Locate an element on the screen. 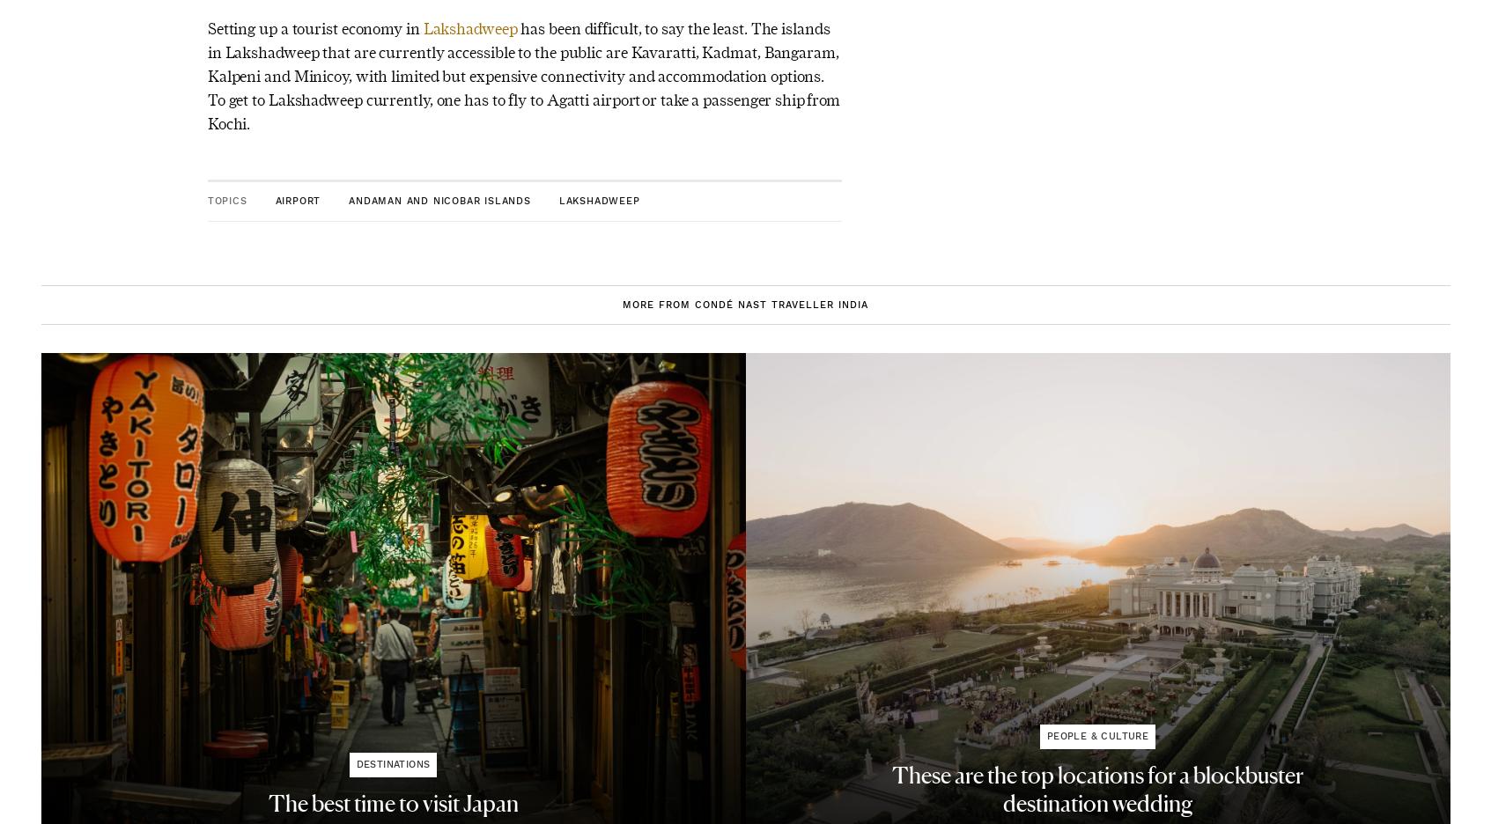 Image resolution: width=1491 pixels, height=824 pixels. 'Topics' is located at coordinates (226, 200).